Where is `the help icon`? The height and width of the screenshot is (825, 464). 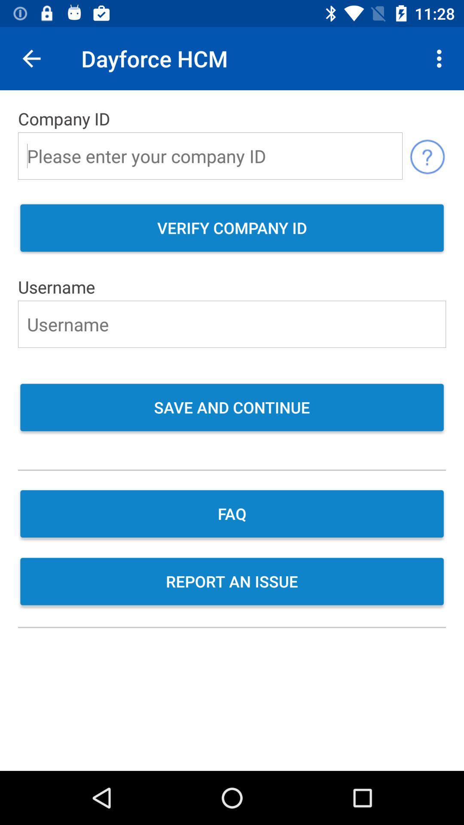 the help icon is located at coordinates (427, 156).